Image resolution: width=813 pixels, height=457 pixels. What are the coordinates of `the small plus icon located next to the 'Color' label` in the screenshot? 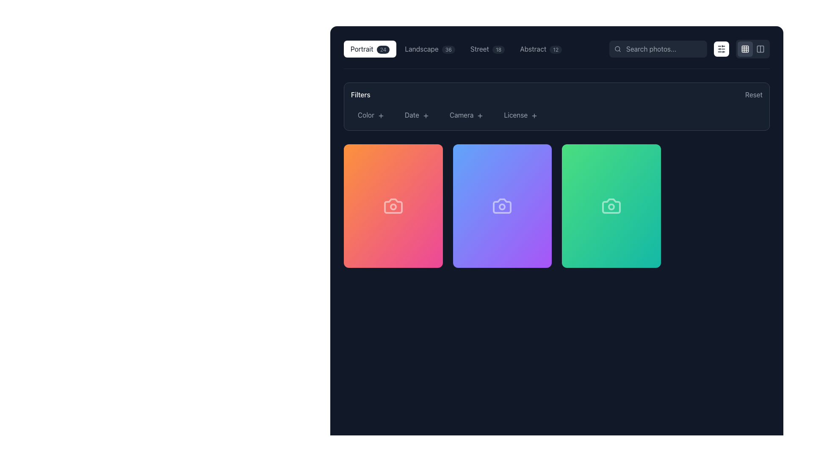 It's located at (380, 116).